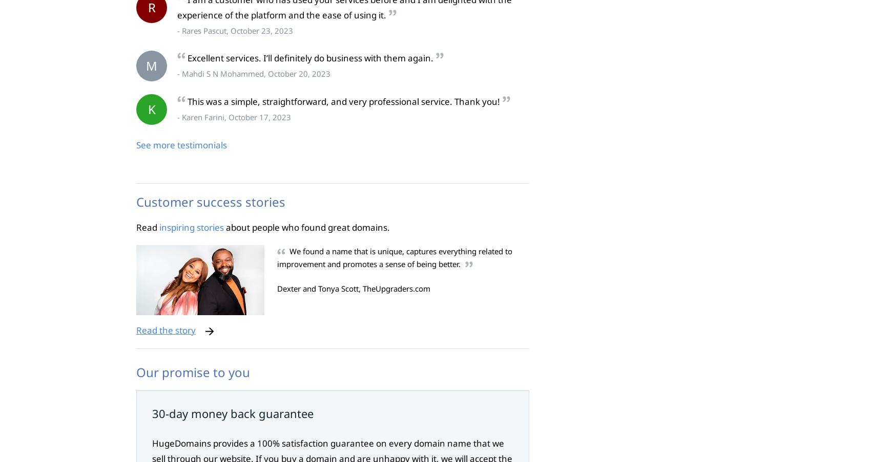 This screenshot has width=872, height=462. What do you see at coordinates (151, 109) in the screenshot?
I see `'K'` at bounding box center [151, 109].